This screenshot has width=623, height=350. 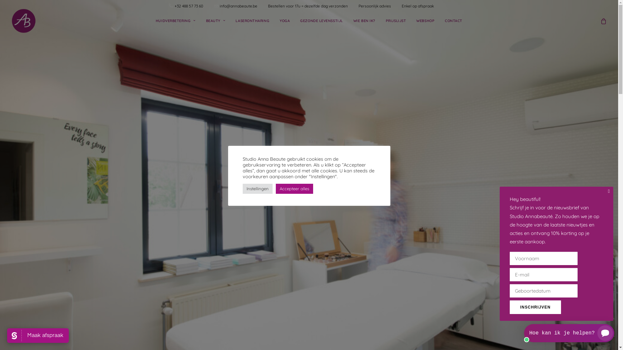 What do you see at coordinates (348, 20) in the screenshot?
I see `'WIE BEN IK?'` at bounding box center [348, 20].